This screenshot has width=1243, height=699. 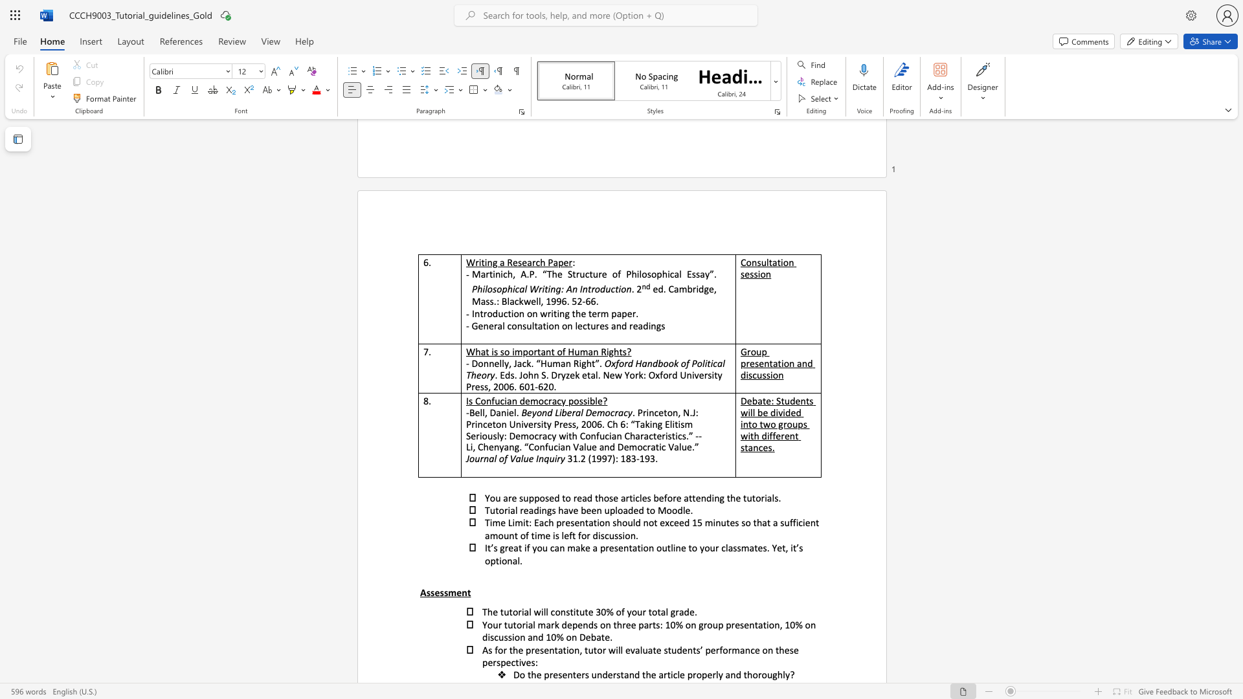 I want to click on the subset text "anie" within the text "-Bell, Daniel.", so click(x=495, y=412).